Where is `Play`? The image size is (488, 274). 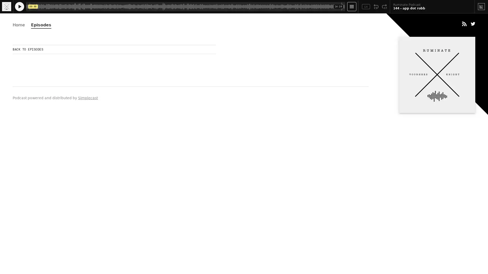
Play is located at coordinates (19, 7).